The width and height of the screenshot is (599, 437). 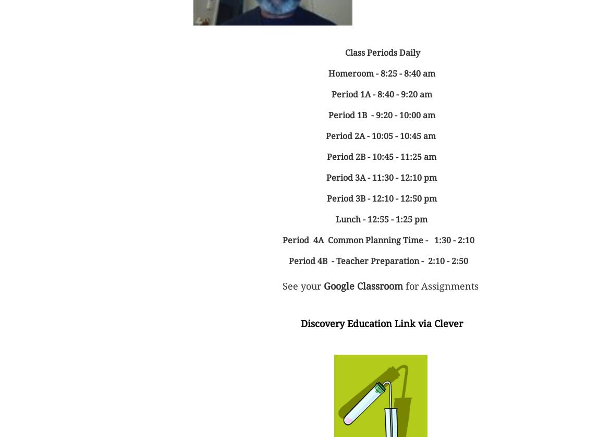 What do you see at coordinates (382, 260) in the screenshot?
I see `'Period 4B  - Teacher Preparation -  2:10 - 2:50'` at bounding box center [382, 260].